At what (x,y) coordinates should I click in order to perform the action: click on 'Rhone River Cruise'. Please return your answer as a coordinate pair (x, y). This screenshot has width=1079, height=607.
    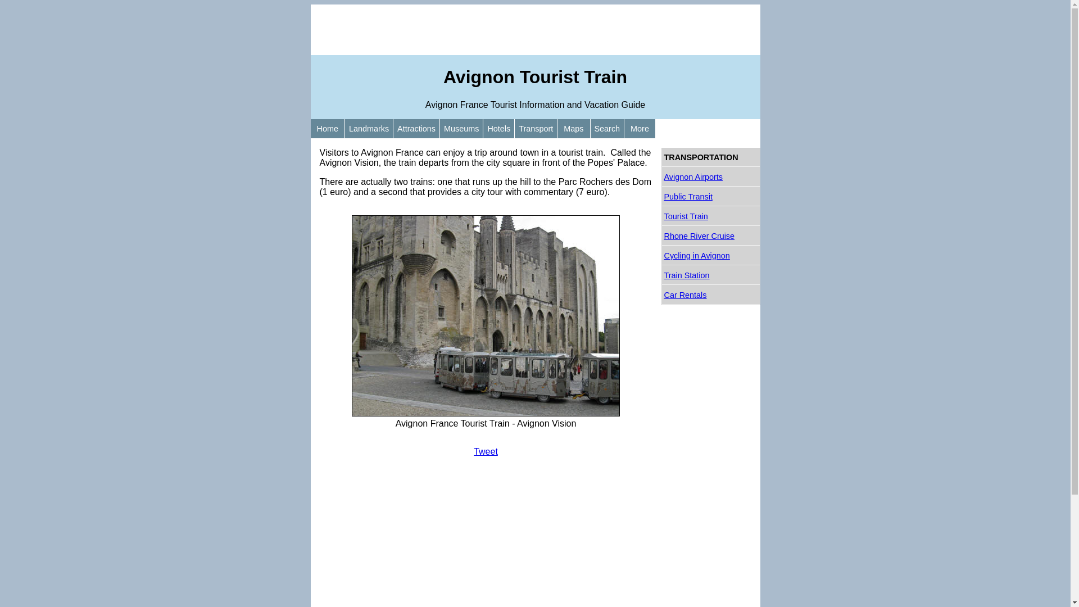
    Looking at the image, I should click on (710, 235).